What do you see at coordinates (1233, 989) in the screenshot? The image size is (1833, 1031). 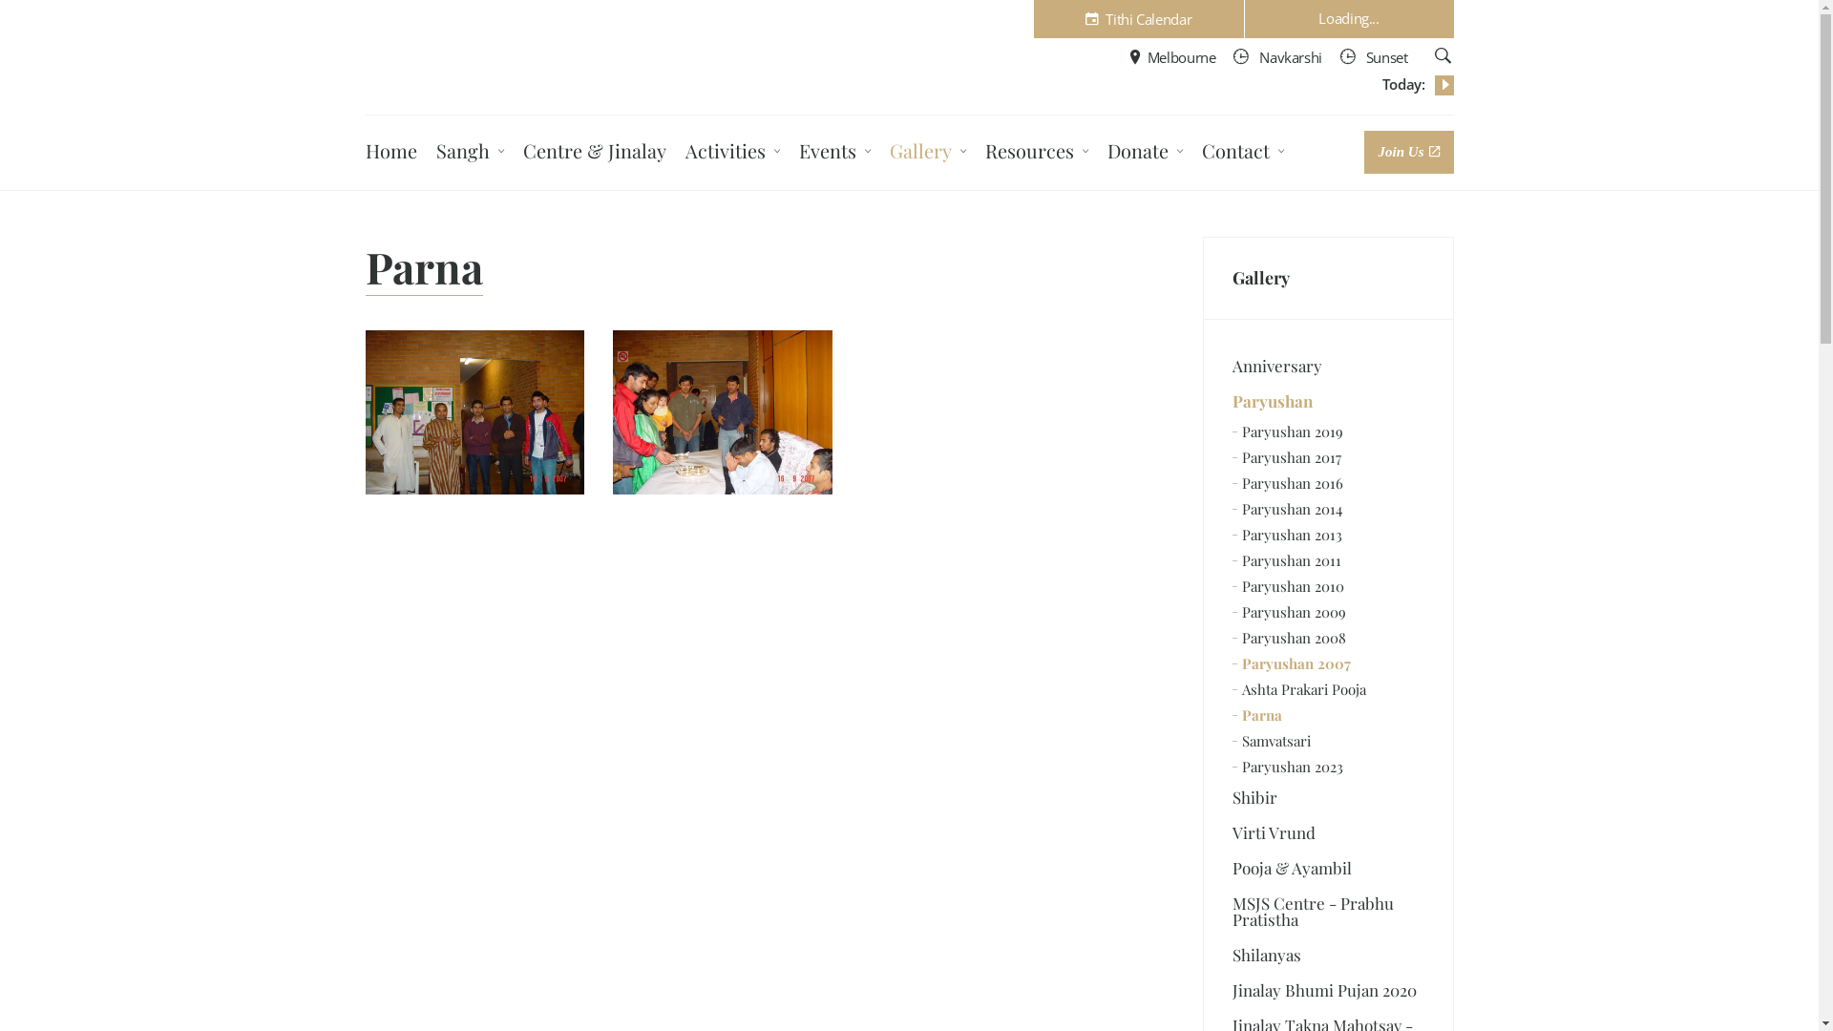 I see `'Jinalay Bhumi Pujan 2020'` at bounding box center [1233, 989].